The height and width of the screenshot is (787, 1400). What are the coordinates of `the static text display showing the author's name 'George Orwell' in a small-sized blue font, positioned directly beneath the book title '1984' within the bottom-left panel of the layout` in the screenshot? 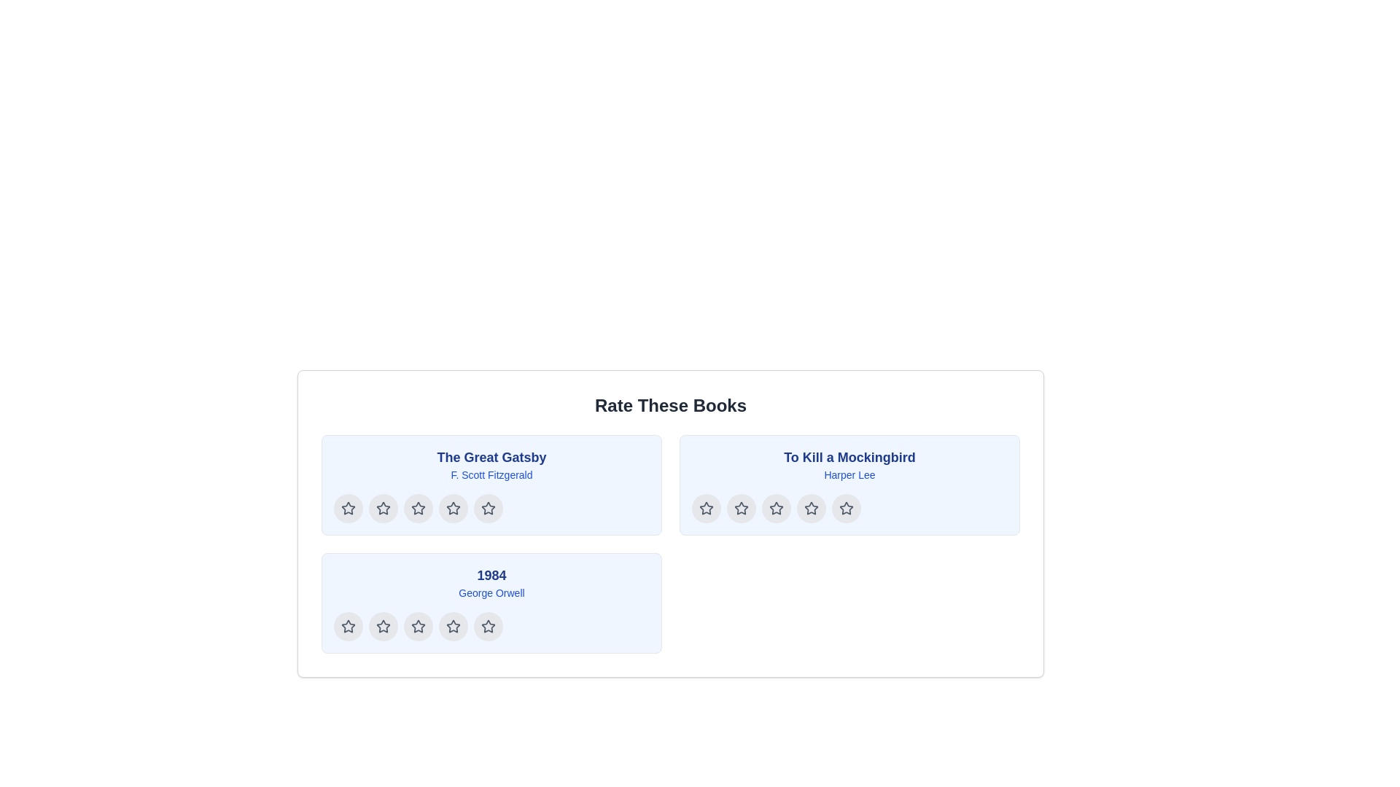 It's located at (491, 592).